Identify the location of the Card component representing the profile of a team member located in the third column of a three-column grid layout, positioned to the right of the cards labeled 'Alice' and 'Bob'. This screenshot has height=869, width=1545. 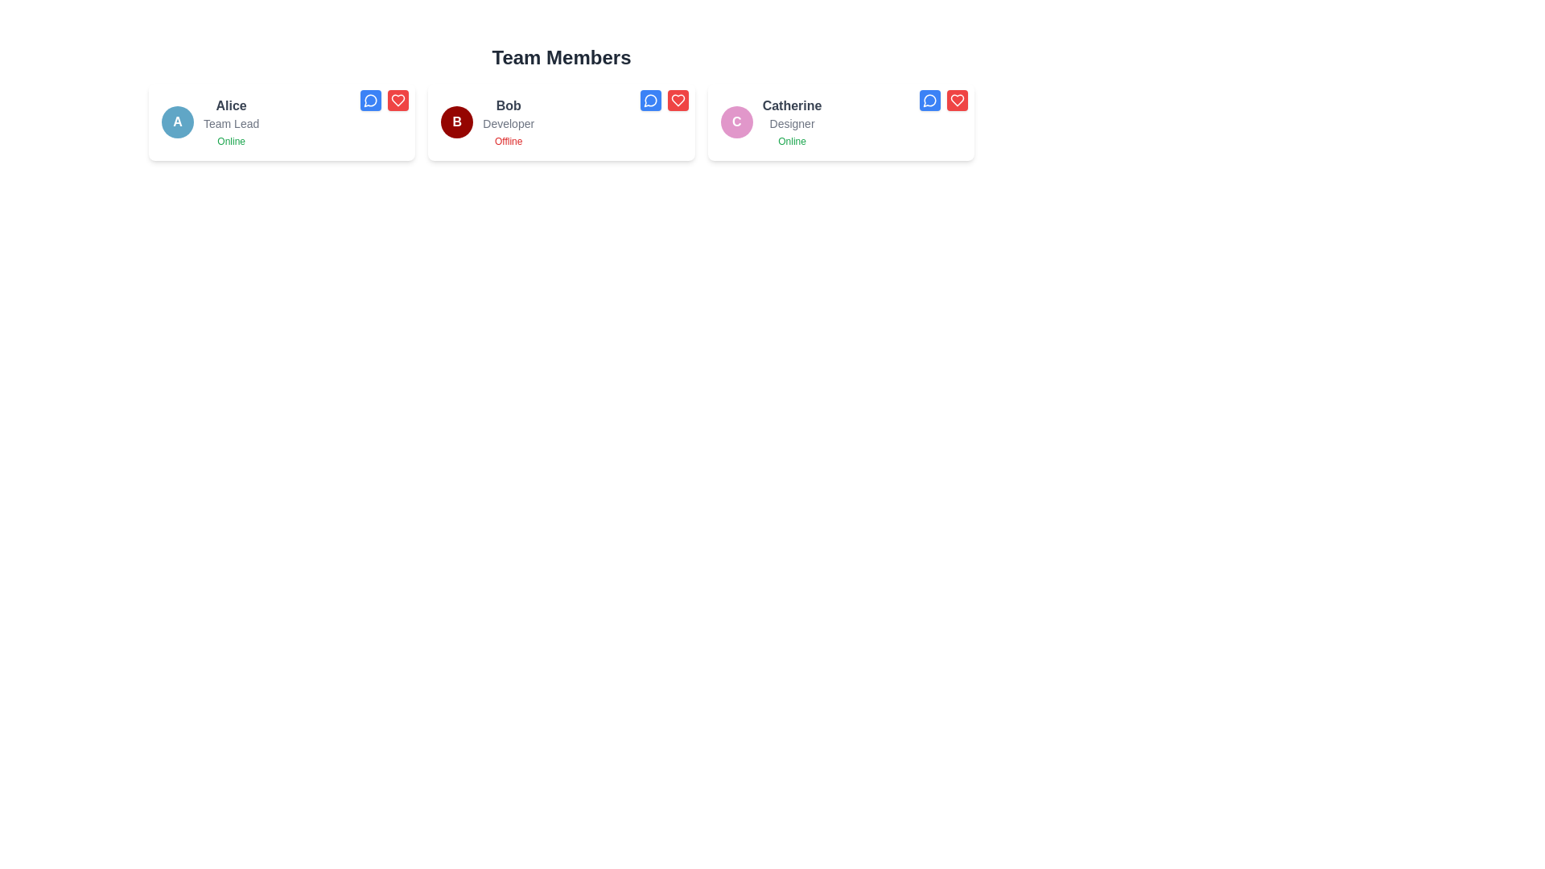
(840, 121).